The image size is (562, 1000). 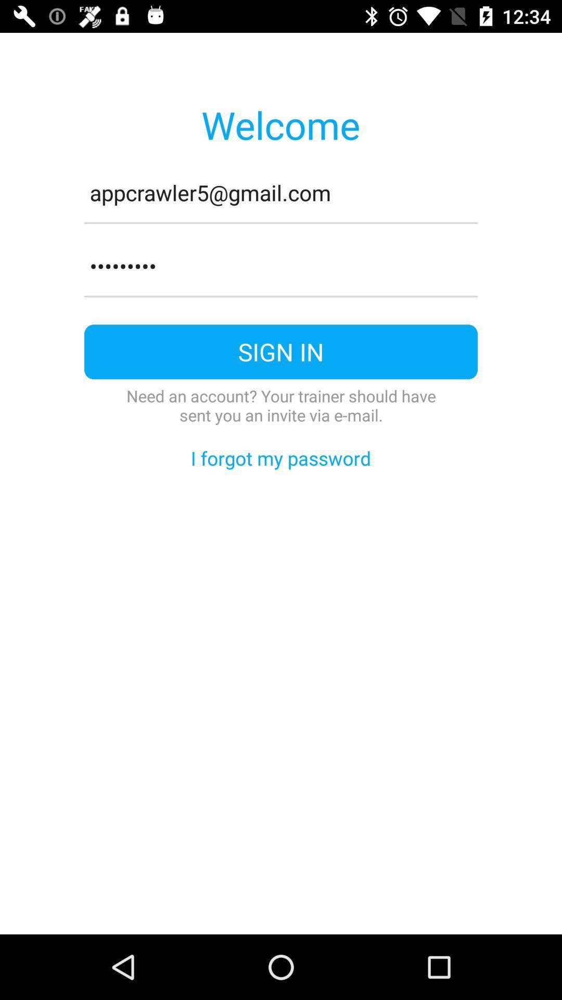 I want to click on item above crowd3116, so click(x=281, y=222).